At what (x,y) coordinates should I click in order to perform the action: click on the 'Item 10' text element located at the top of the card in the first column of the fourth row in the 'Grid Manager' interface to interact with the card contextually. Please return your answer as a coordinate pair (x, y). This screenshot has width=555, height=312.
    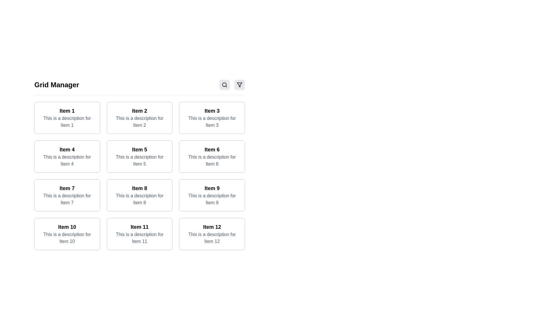
    Looking at the image, I should click on (67, 227).